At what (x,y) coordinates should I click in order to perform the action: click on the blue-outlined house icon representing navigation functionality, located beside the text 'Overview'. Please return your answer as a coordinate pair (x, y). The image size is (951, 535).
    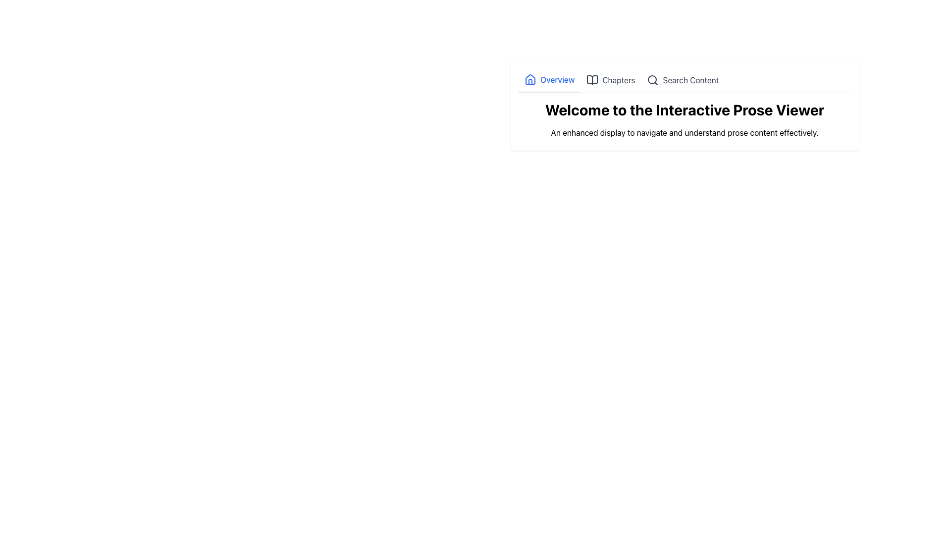
    Looking at the image, I should click on (529, 79).